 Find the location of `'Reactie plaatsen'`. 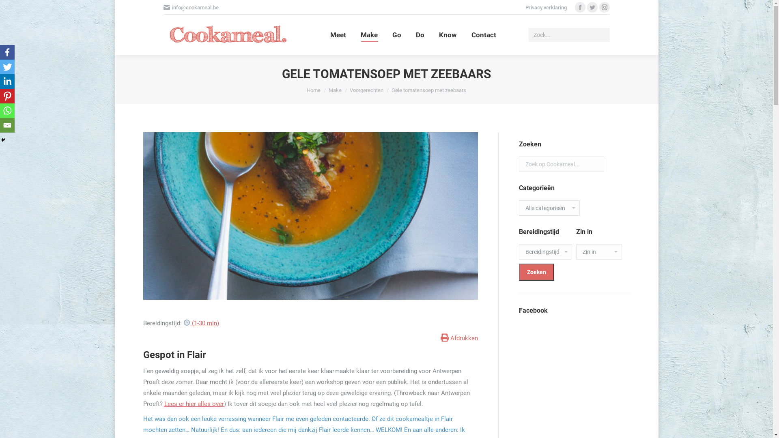

'Reactie plaatsen' is located at coordinates (30, 8).